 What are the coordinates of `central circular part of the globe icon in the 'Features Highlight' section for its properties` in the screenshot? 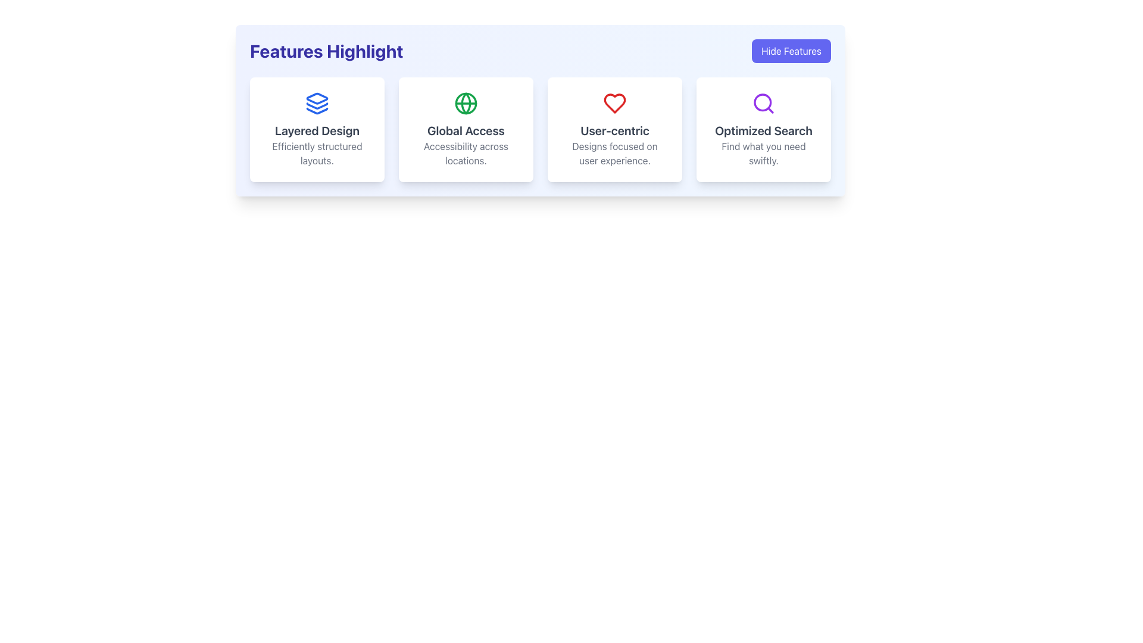 It's located at (465, 102).